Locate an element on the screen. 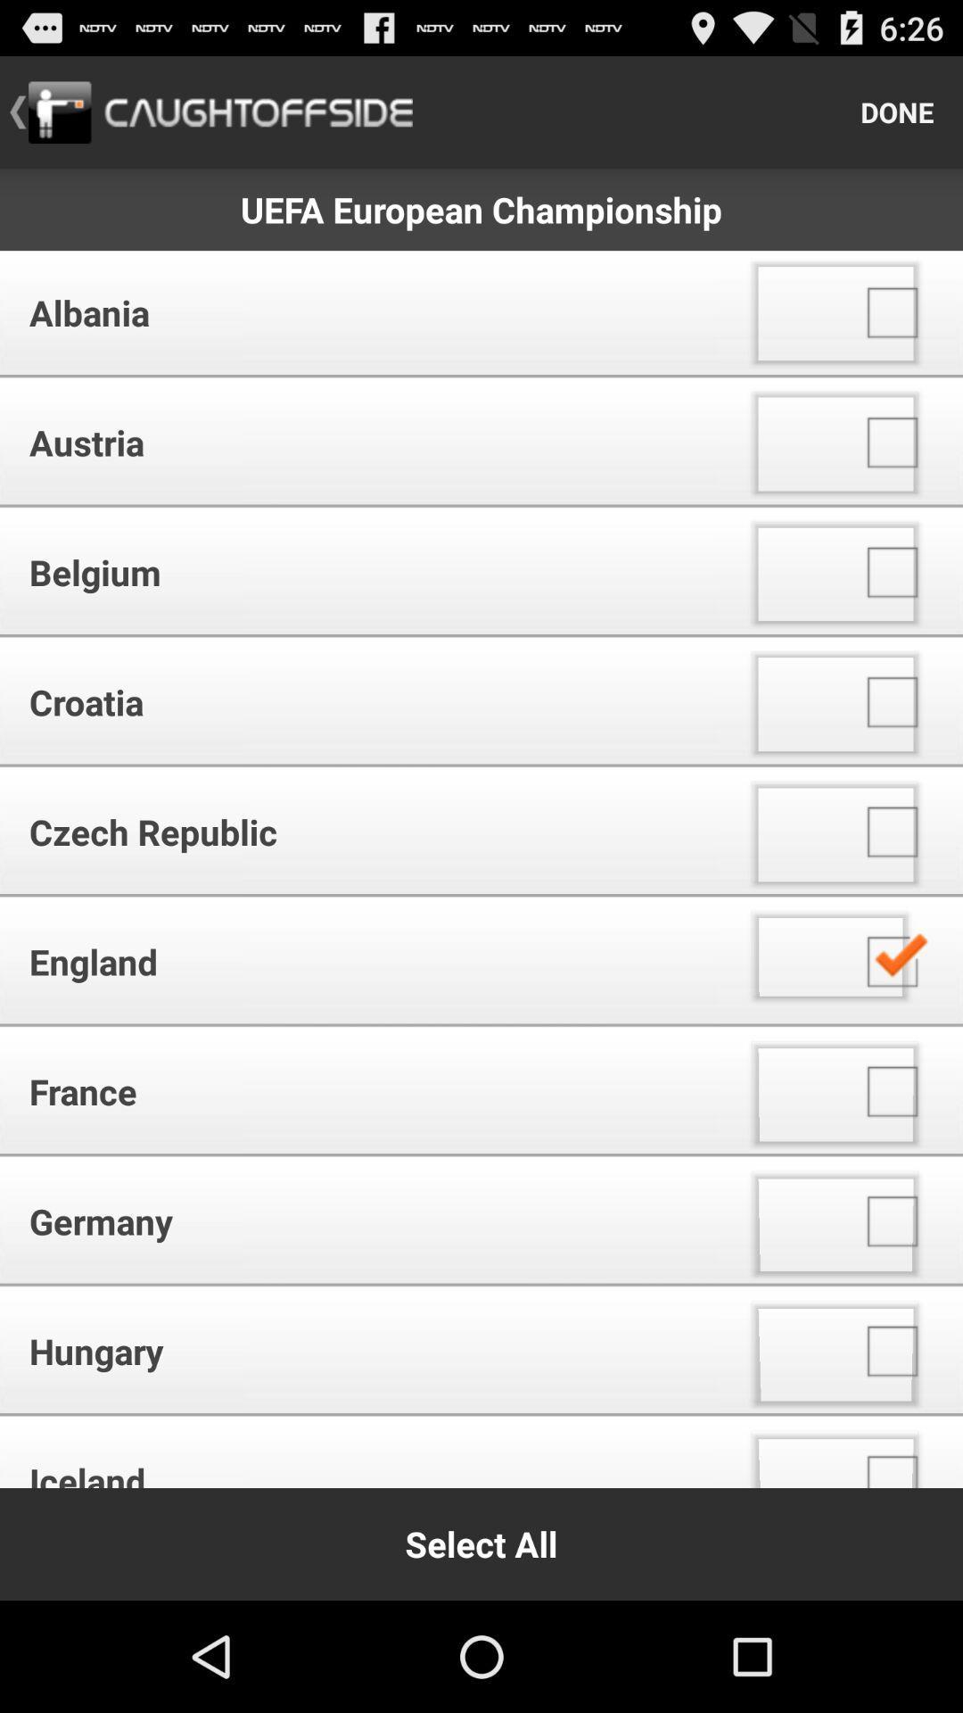 This screenshot has height=1713, width=963. the france app is located at coordinates (365, 1090).